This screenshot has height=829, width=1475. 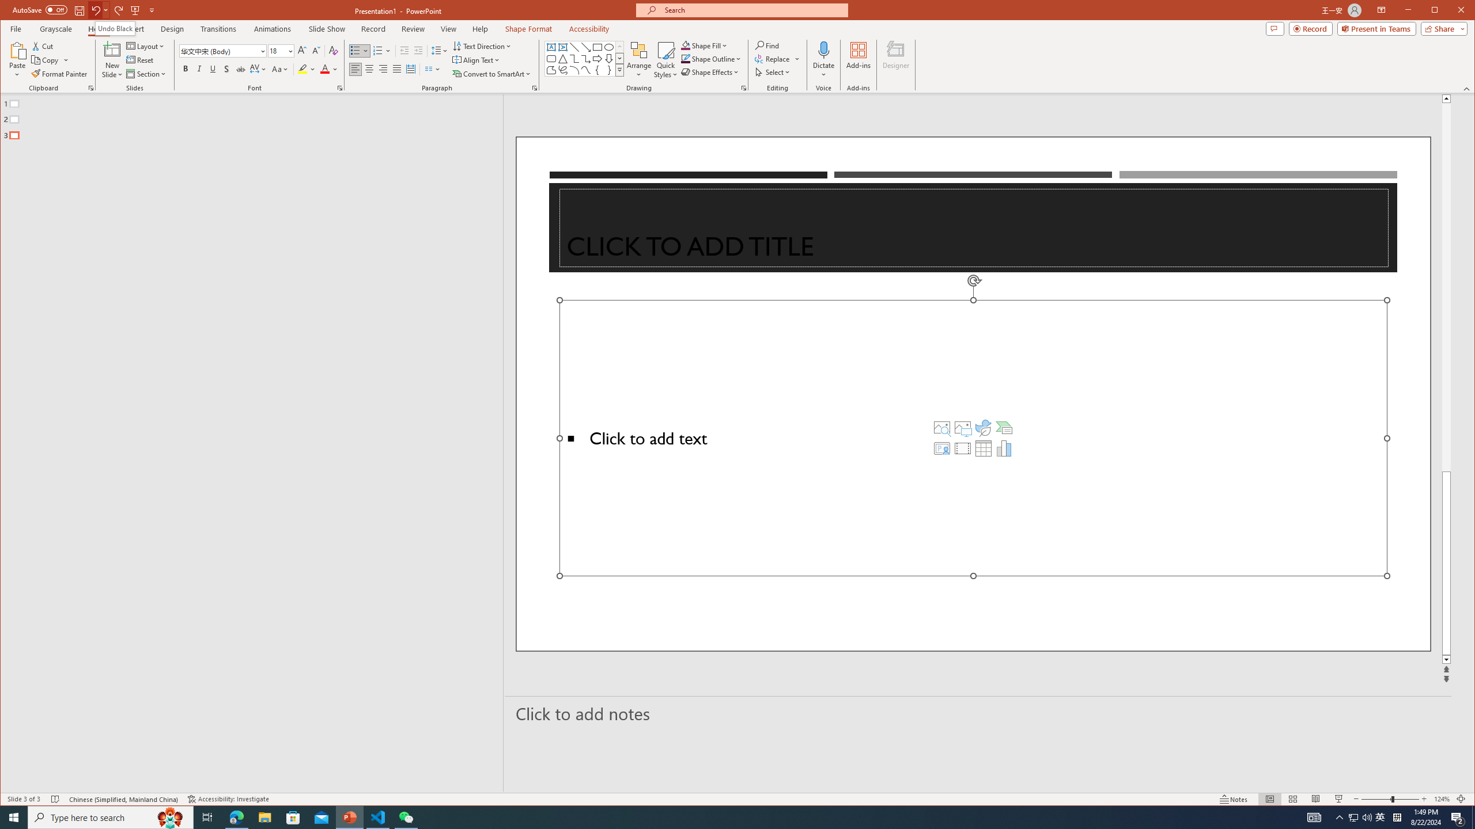 What do you see at coordinates (236, 816) in the screenshot?
I see `'Microsoft Edge - 1 running window'` at bounding box center [236, 816].